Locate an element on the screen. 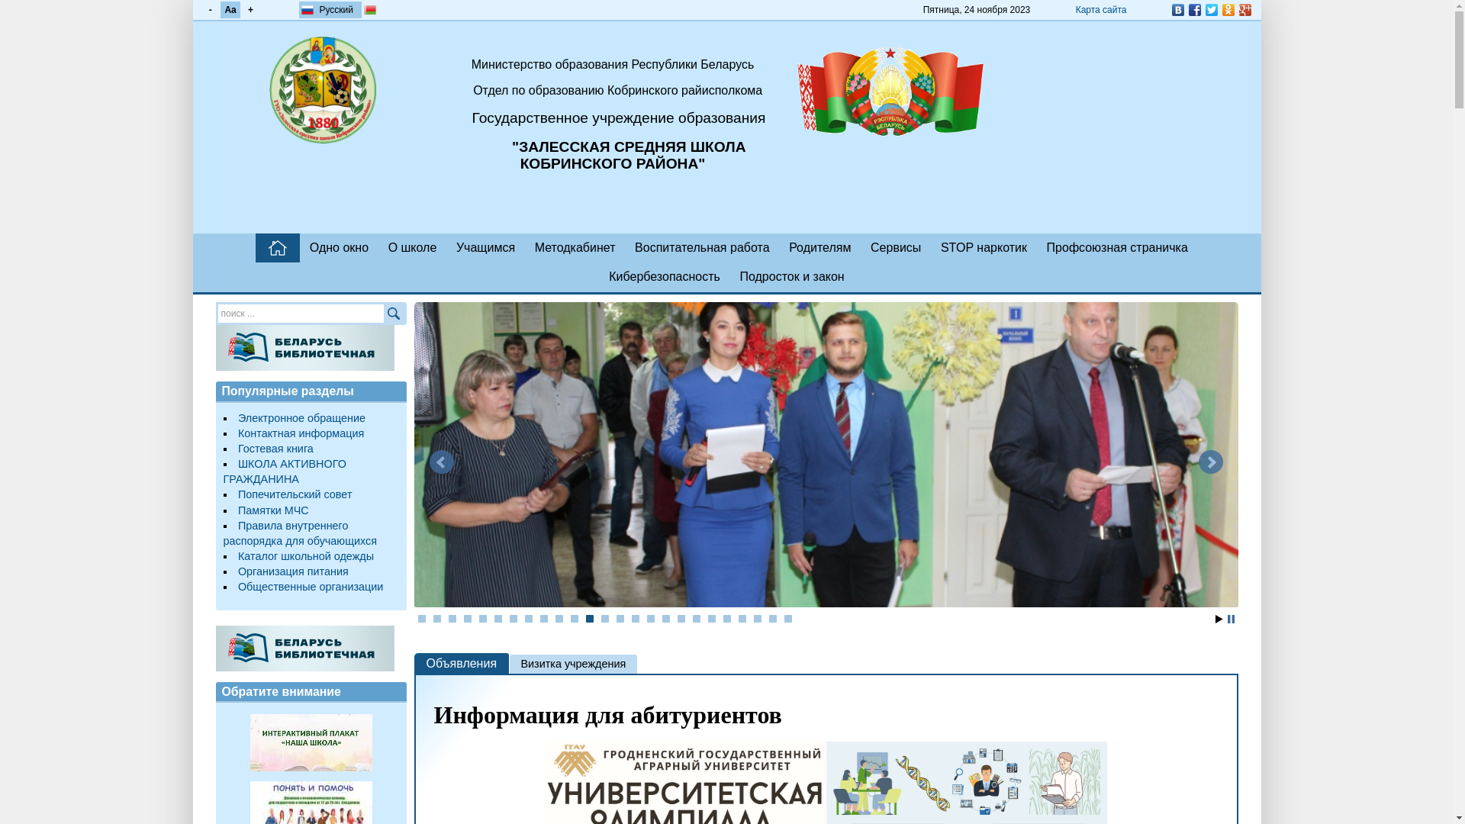 The image size is (1465, 824). '14' is located at coordinates (620, 618).